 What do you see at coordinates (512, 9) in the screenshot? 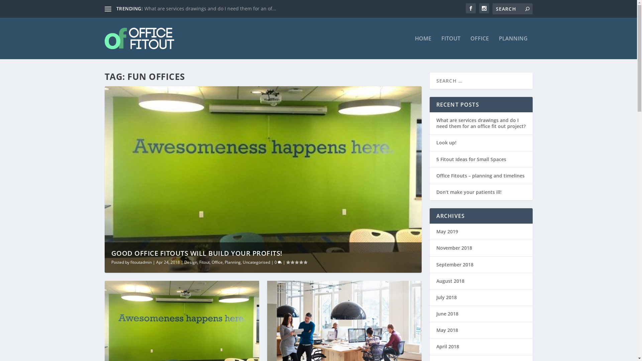
I see `'Search for:'` at bounding box center [512, 9].